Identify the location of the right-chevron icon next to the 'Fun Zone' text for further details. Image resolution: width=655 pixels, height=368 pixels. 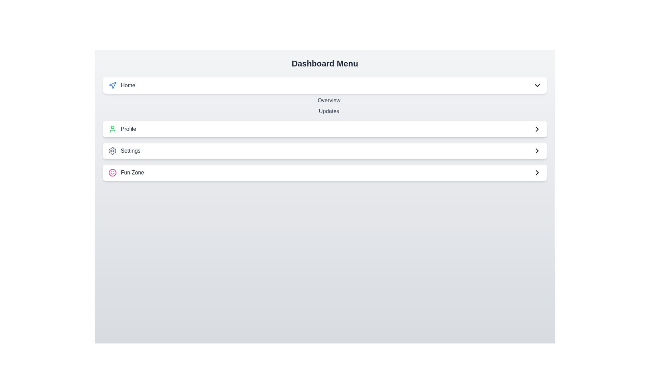
(537, 172).